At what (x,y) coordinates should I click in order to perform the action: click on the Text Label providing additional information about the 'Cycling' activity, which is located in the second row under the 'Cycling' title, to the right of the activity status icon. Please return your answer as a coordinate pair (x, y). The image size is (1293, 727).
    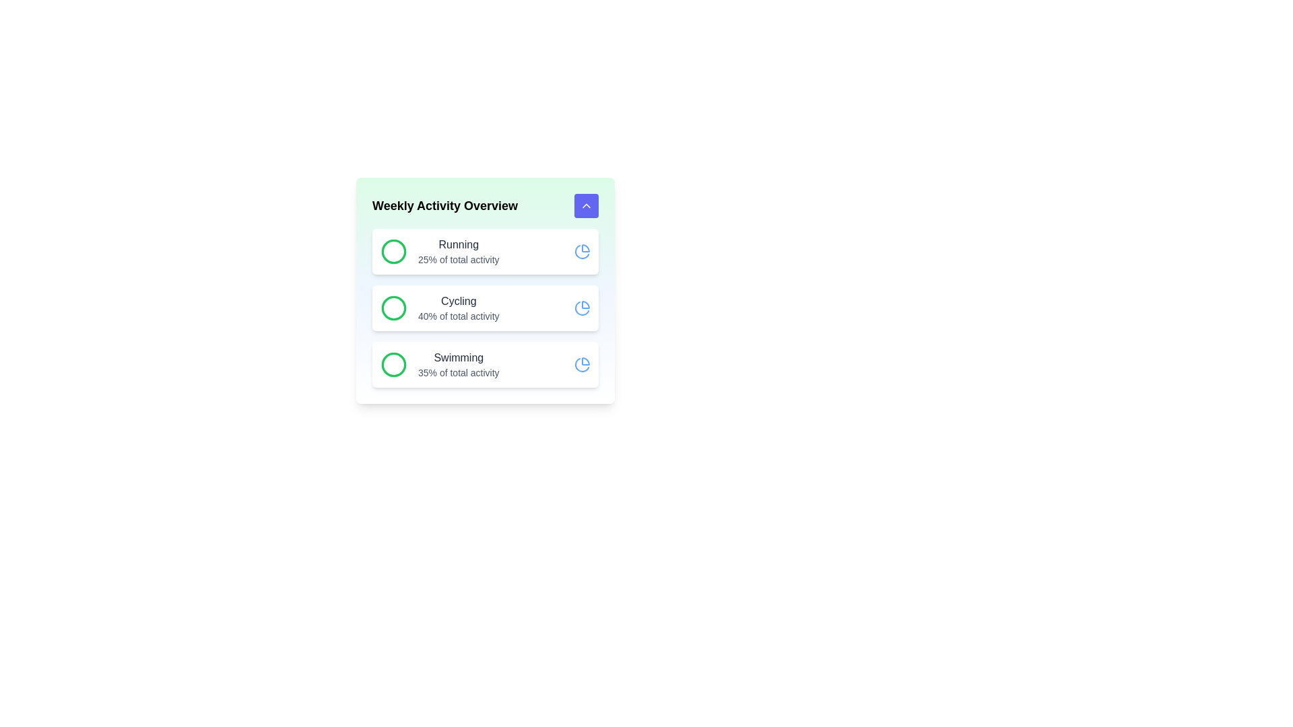
    Looking at the image, I should click on (459, 316).